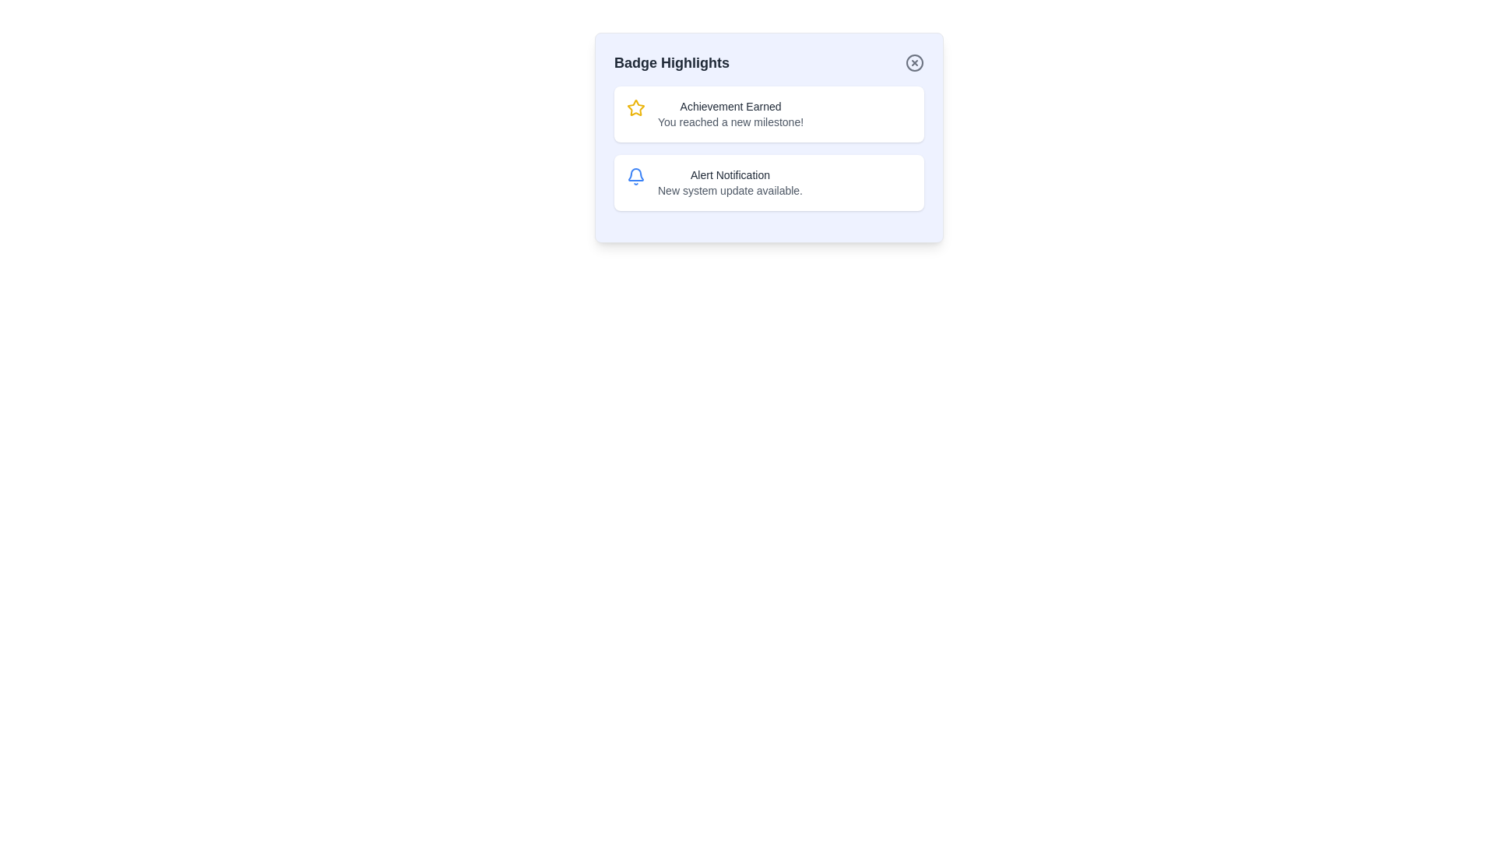 This screenshot has width=1495, height=841. Describe the element at coordinates (635, 107) in the screenshot. I see `the achievement icon located in the 'Badge Highlights' section, which complements the text 'You reached a new milestone!'` at that location.